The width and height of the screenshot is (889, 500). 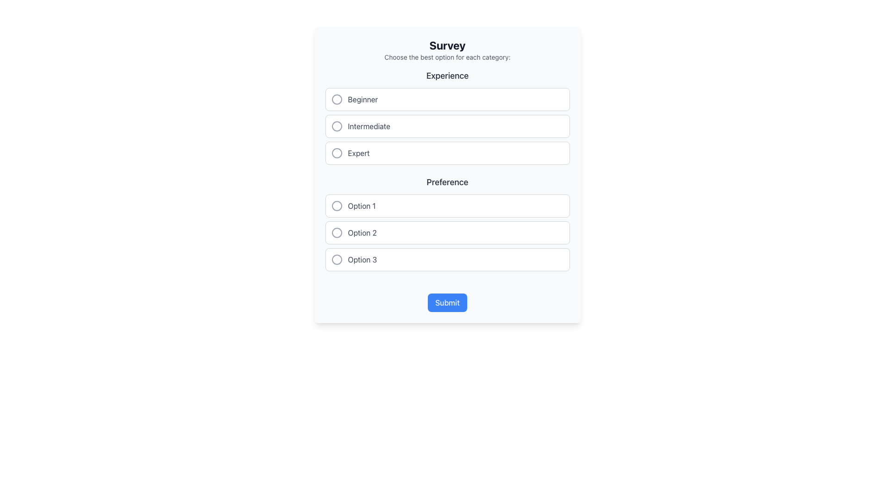 I want to click on the unselected radio button labeled 'Expert' in the Experience section of the survey interface, so click(x=336, y=153).